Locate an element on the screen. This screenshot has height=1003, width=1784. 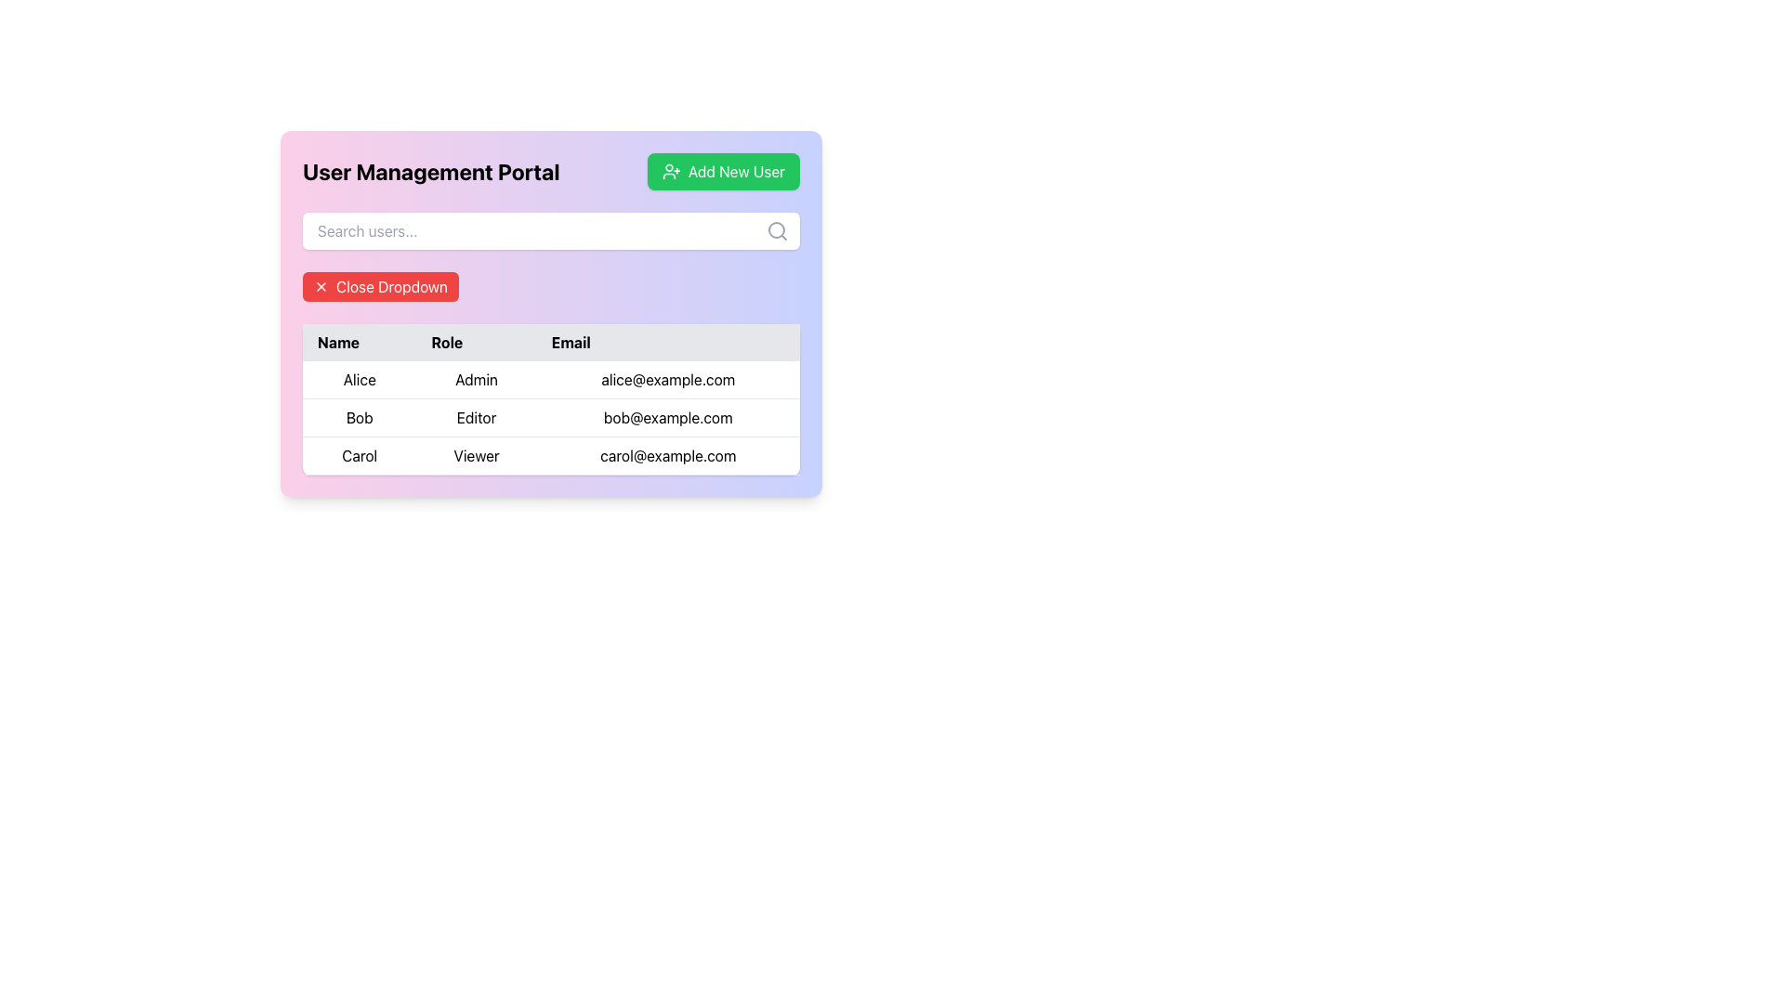
the second row in the user information table by clicking on it, which displays details like name, role, and email is located at coordinates (550, 418).